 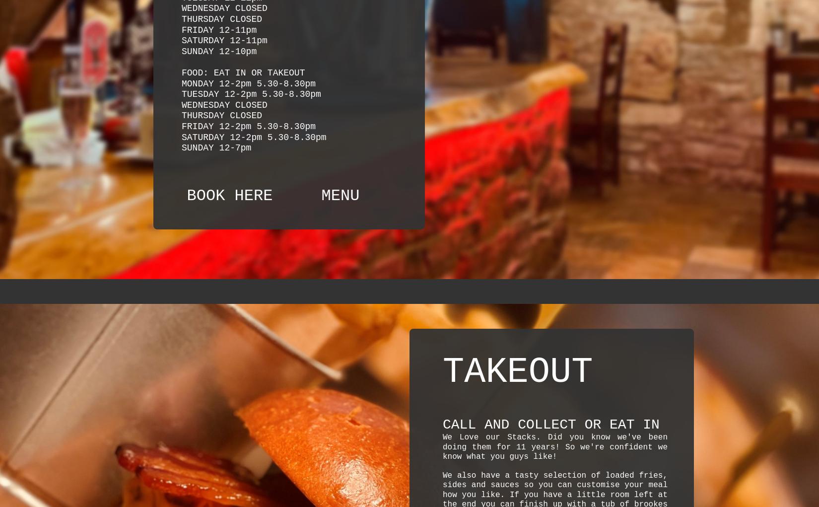 What do you see at coordinates (218, 30) in the screenshot?
I see `'FRIDAY 12-11pm'` at bounding box center [218, 30].